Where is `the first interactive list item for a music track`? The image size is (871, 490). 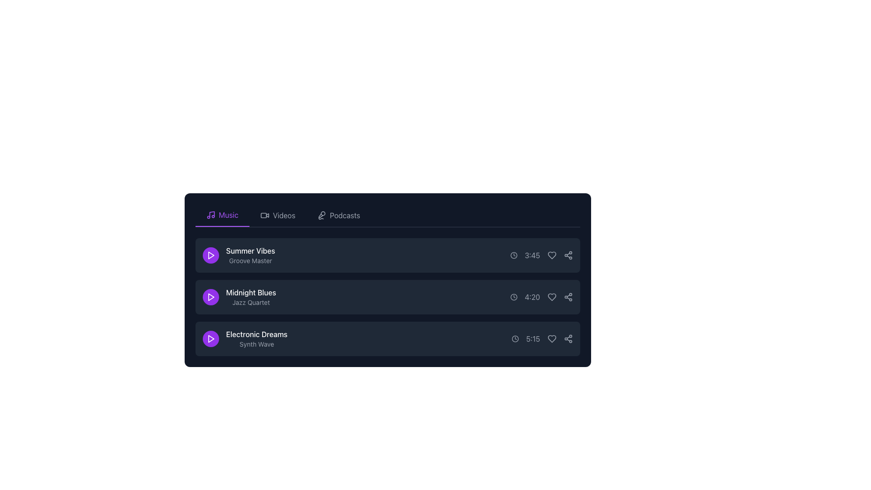
the first interactive list item for a music track is located at coordinates (387, 255).